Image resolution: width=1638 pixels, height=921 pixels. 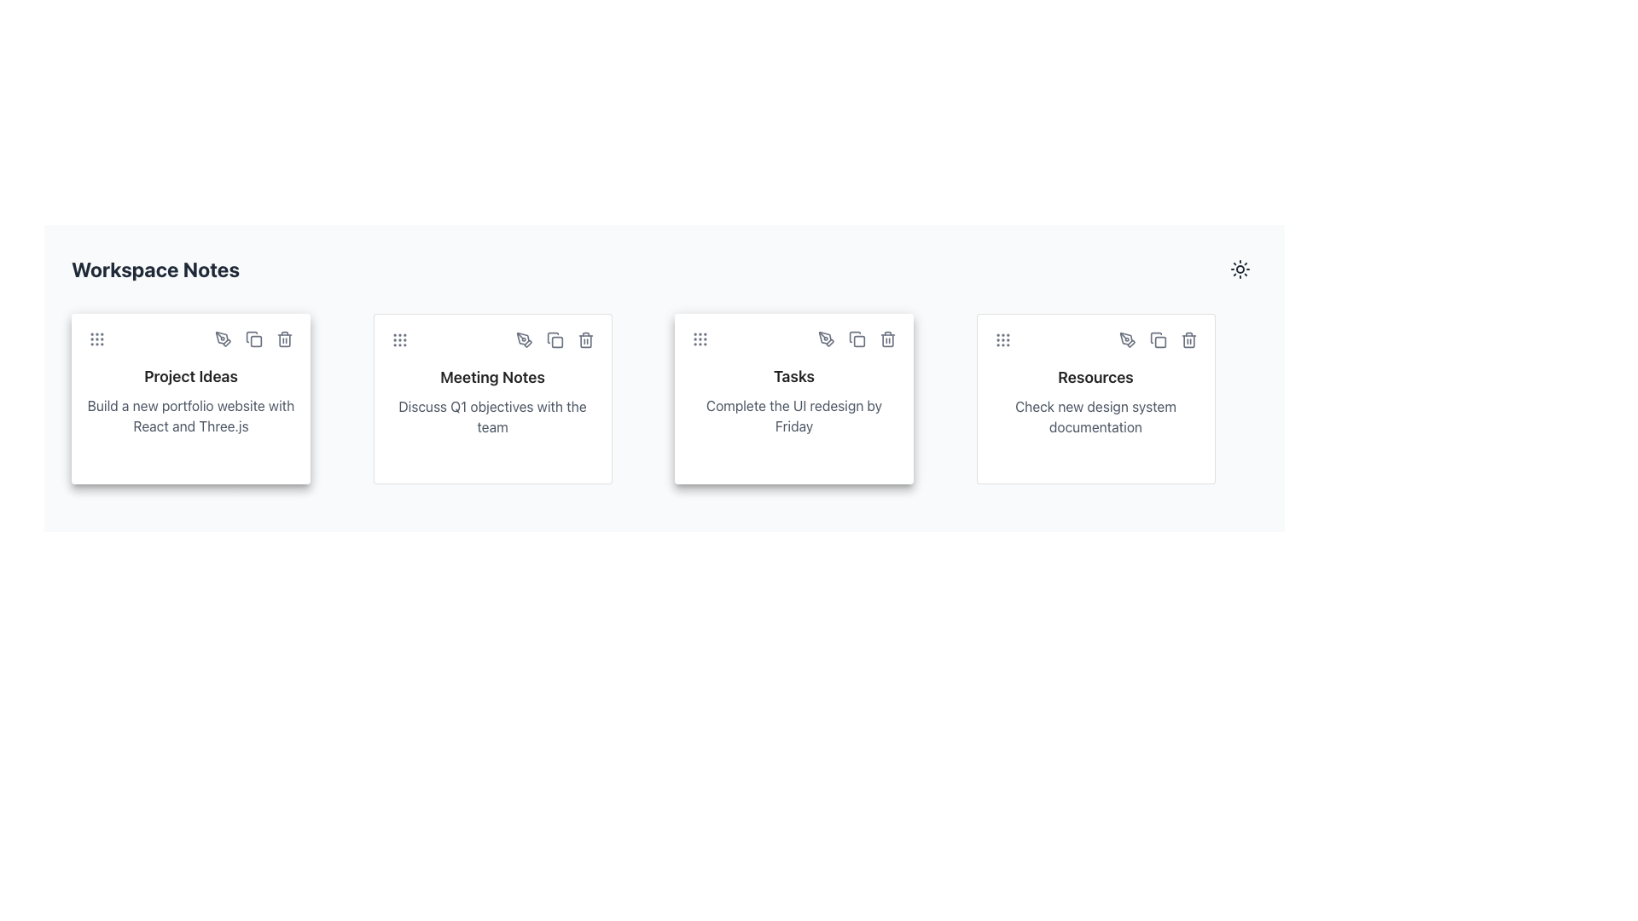 What do you see at coordinates (523, 339) in the screenshot?
I see `the first SVG-based interactive icon within the 'Meeting Notes' card under the 'Workspace Notes' heading` at bounding box center [523, 339].